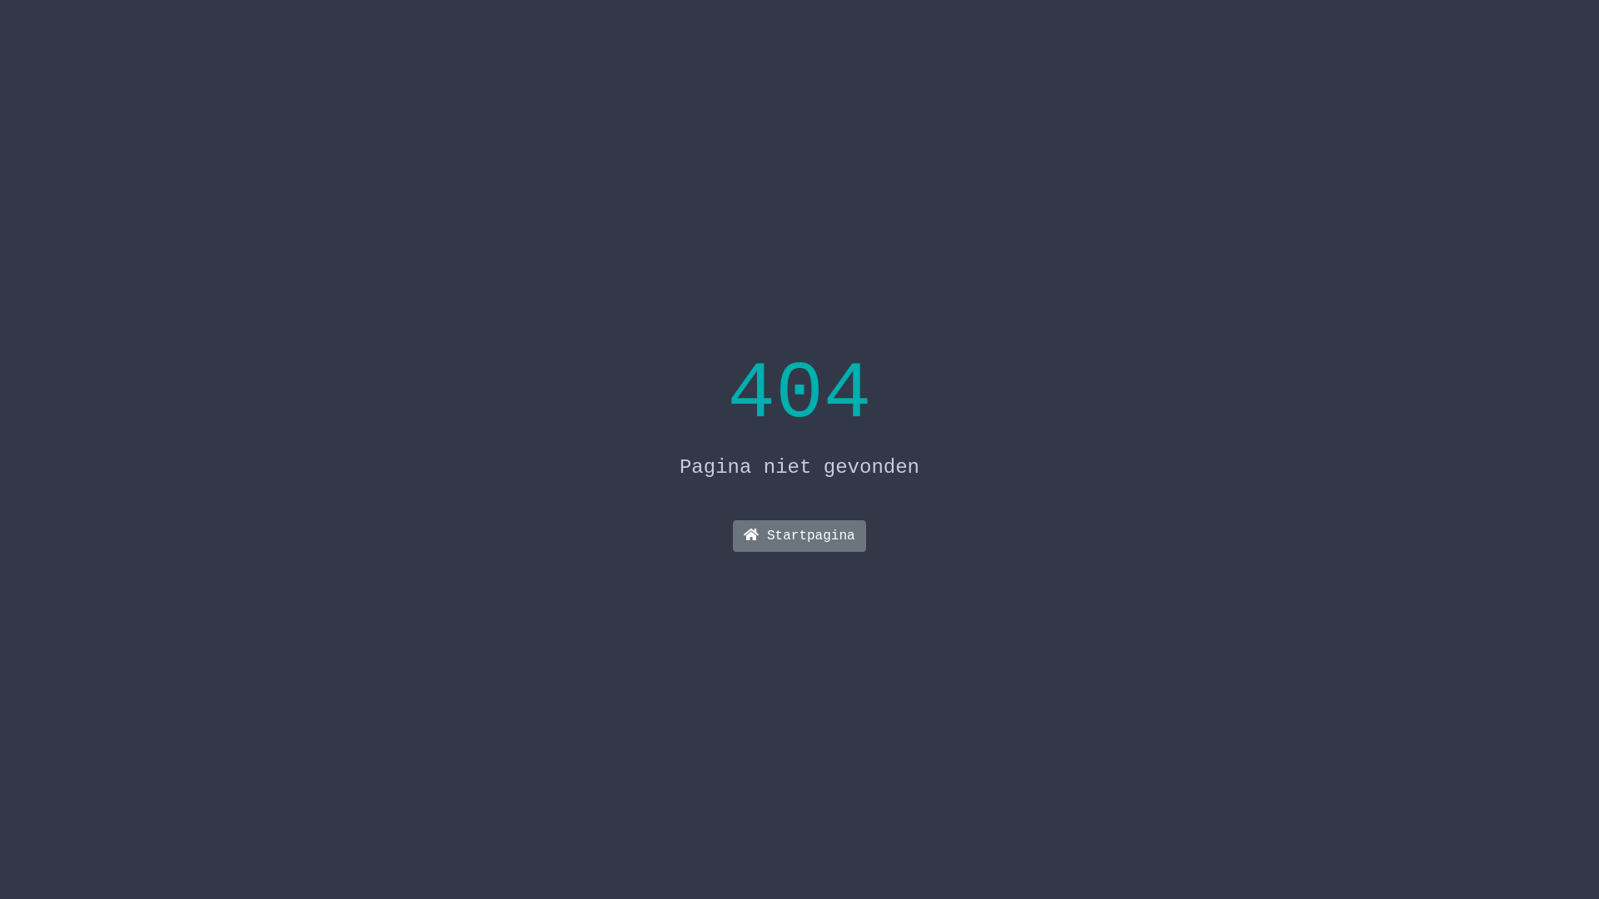  What do you see at coordinates (798, 536) in the screenshot?
I see `'Startpagina'` at bounding box center [798, 536].